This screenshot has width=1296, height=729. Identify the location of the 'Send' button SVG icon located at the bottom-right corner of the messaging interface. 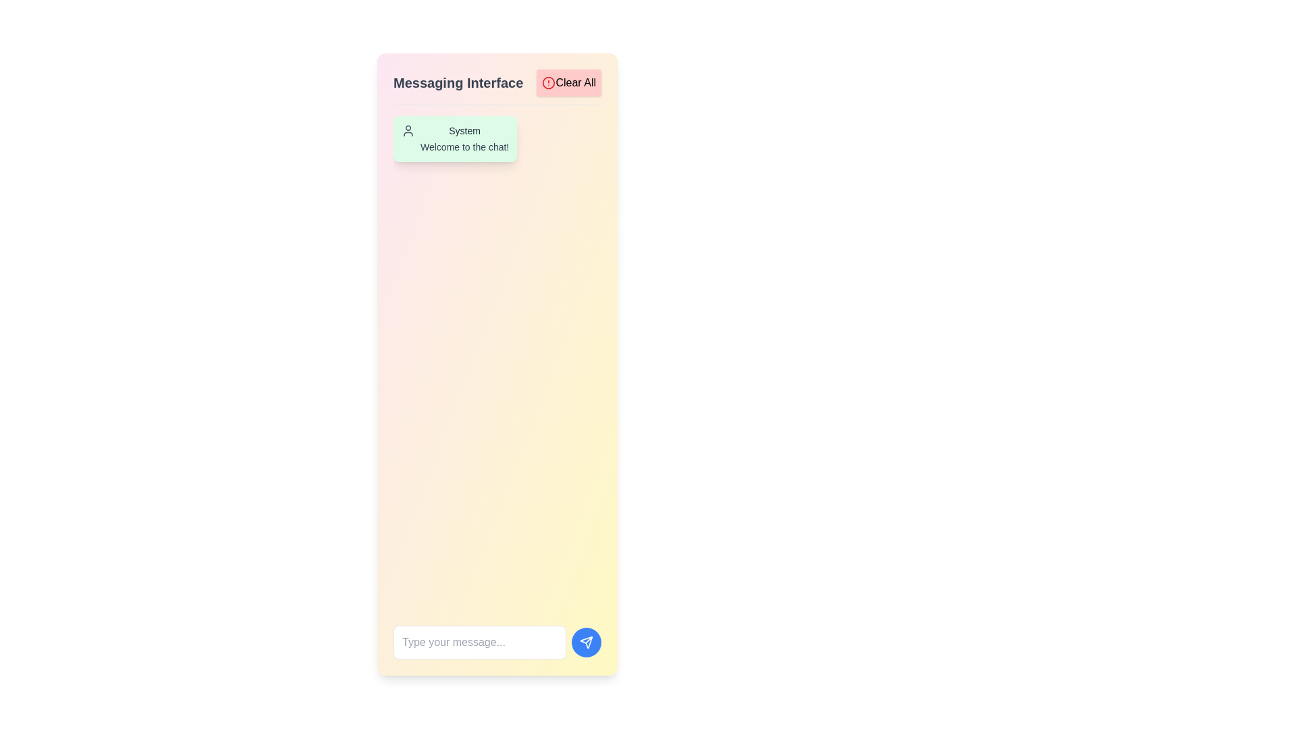
(586, 642).